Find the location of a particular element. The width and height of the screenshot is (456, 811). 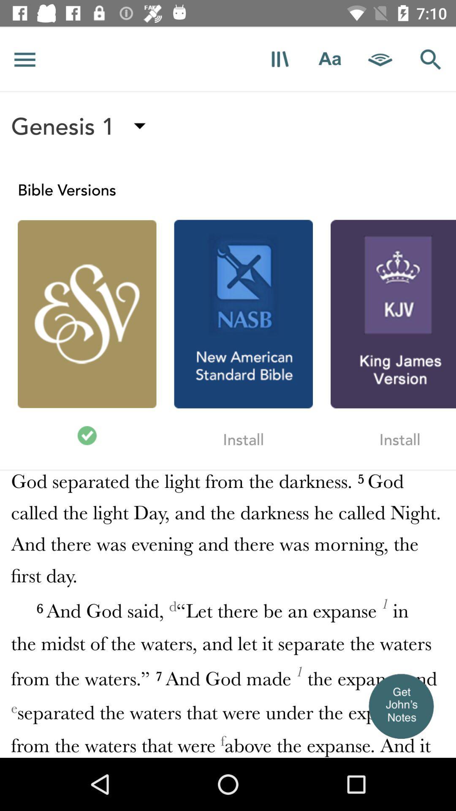

click on icon is located at coordinates (280, 59).